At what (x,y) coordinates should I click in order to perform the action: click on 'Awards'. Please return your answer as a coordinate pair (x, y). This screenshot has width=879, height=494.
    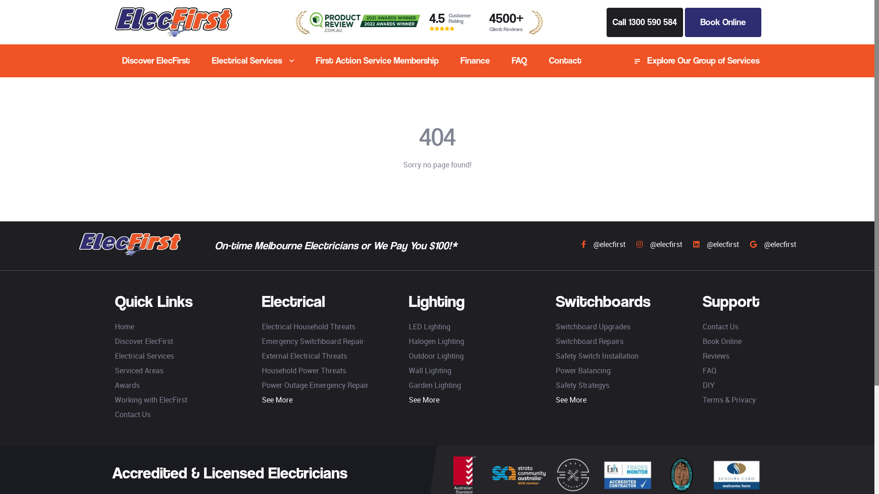
    Looking at the image, I should click on (114, 385).